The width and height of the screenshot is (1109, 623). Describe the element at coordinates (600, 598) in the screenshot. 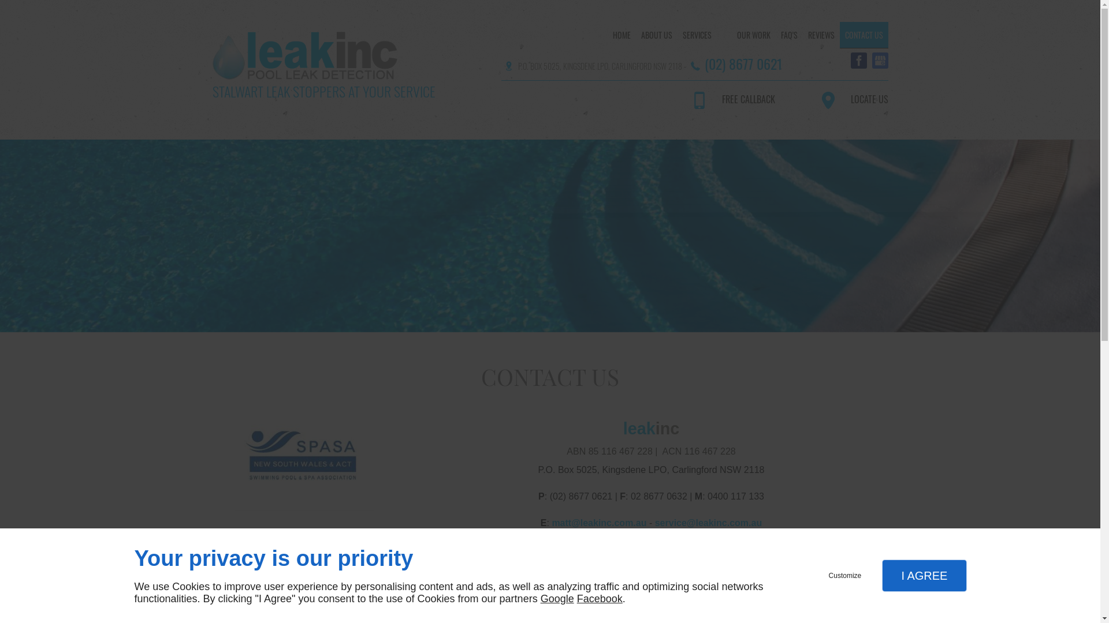

I see `'Facebook'` at that location.